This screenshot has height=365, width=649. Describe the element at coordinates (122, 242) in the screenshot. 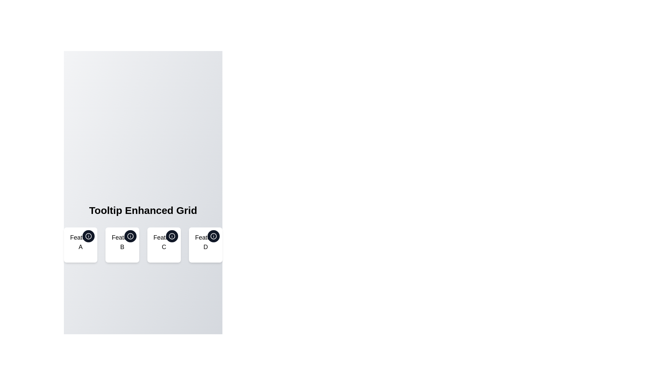

I see `the 'Feature B' text label, which is centrally aligned and styled with a large font size in the second card of a horizontal grid under the title 'Tooltip Enhanced Grid'` at that location.